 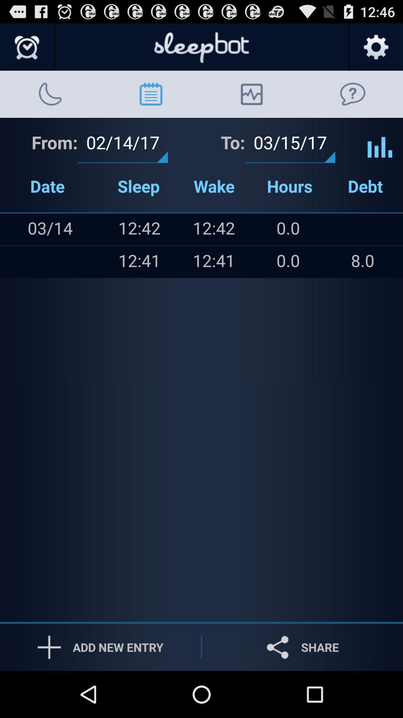 What do you see at coordinates (15, 262) in the screenshot?
I see `item to the left of 03/14 icon` at bounding box center [15, 262].